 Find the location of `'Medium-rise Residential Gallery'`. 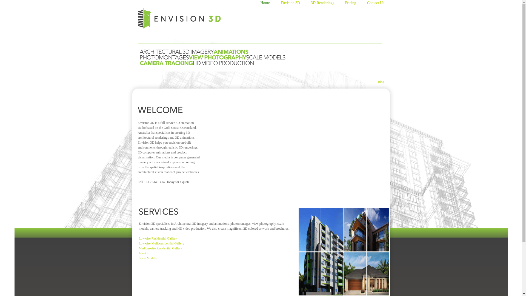

'Medium-rise Residential Gallery' is located at coordinates (160, 248).